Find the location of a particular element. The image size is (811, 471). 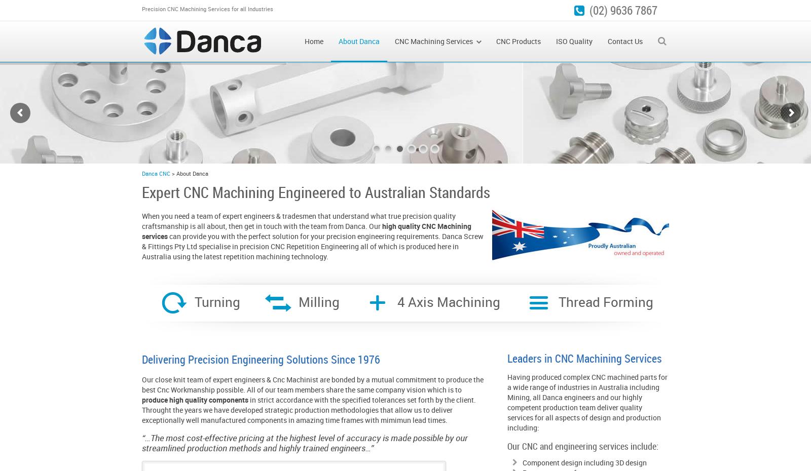

'Component design including 3D design' is located at coordinates (584, 462).